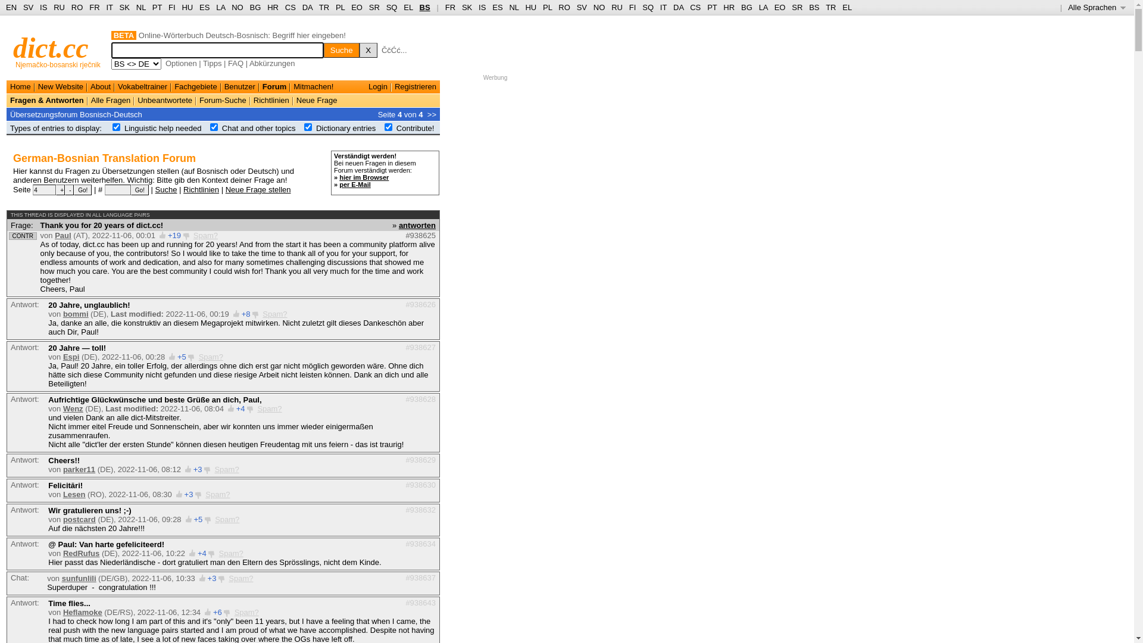 The image size is (1143, 643). What do you see at coordinates (420, 484) in the screenshot?
I see `'#938630'` at bounding box center [420, 484].